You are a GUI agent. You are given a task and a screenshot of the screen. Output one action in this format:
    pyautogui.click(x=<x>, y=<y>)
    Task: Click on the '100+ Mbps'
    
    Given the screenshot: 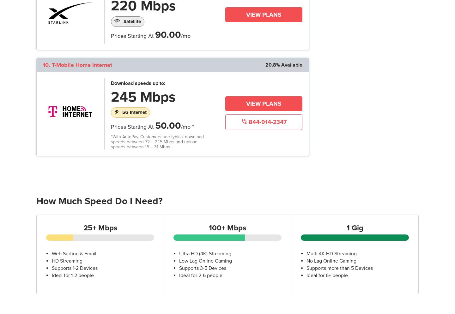 What is the action you would take?
    pyautogui.click(x=208, y=228)
    